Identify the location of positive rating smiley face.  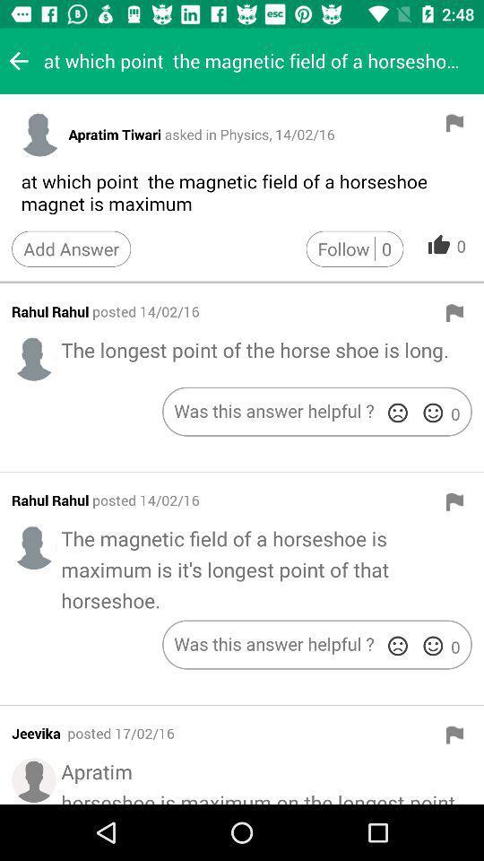
(432, 646).